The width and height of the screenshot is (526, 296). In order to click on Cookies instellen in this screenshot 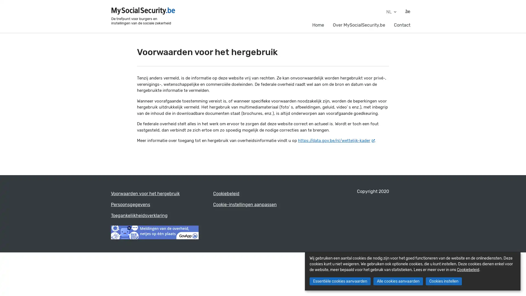, I will do `click(443, 281)`.